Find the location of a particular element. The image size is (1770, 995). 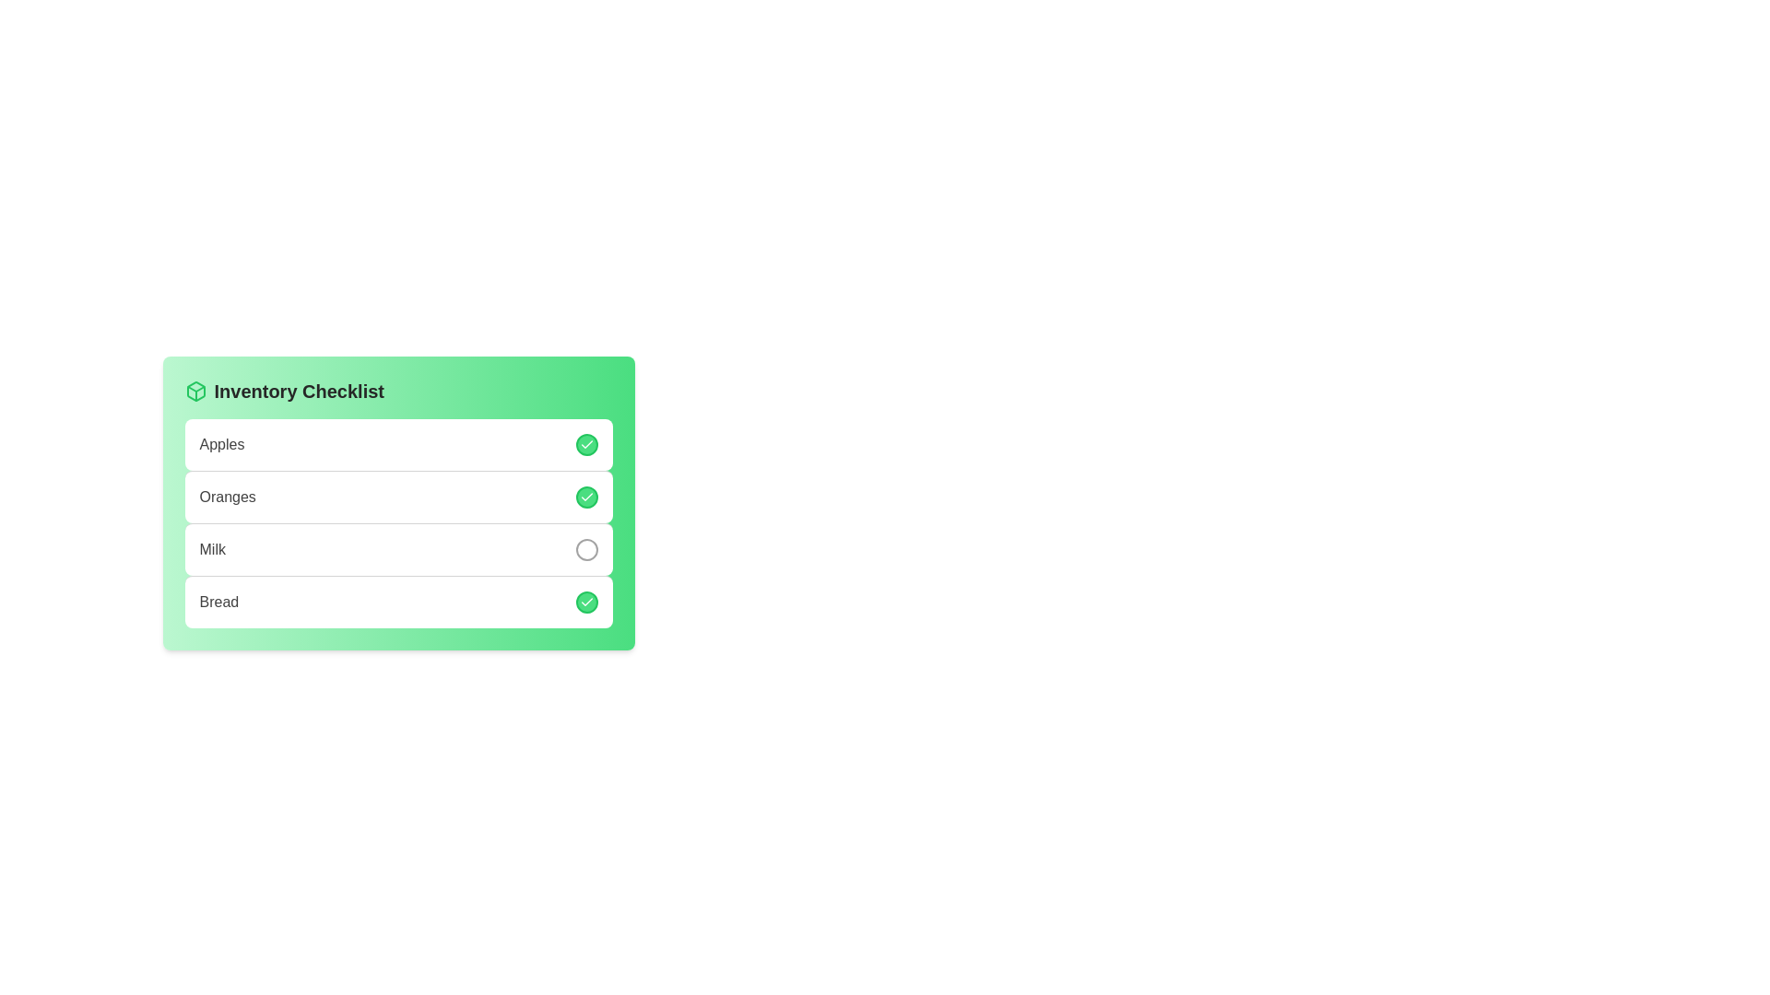

the list item labeled 'Milk' in the 'Inventory Checklist' is located at coordinates (397, 548).